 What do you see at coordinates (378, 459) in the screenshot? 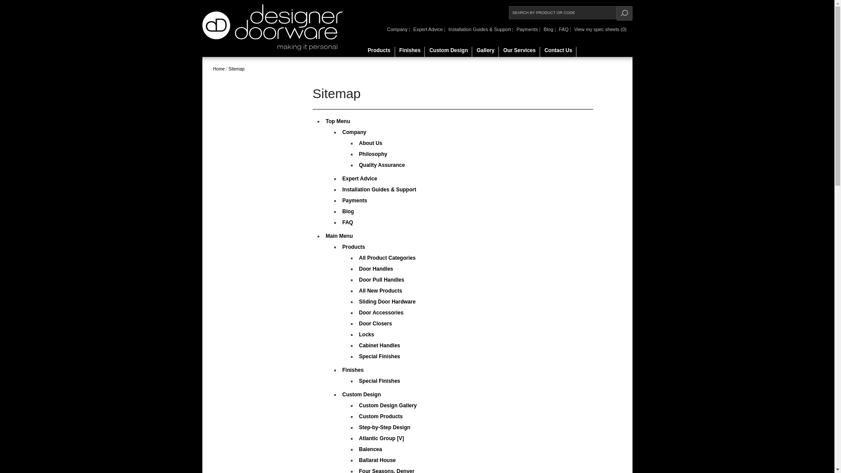
I see `'Ballarat House'` at bounding box center [378, 459].